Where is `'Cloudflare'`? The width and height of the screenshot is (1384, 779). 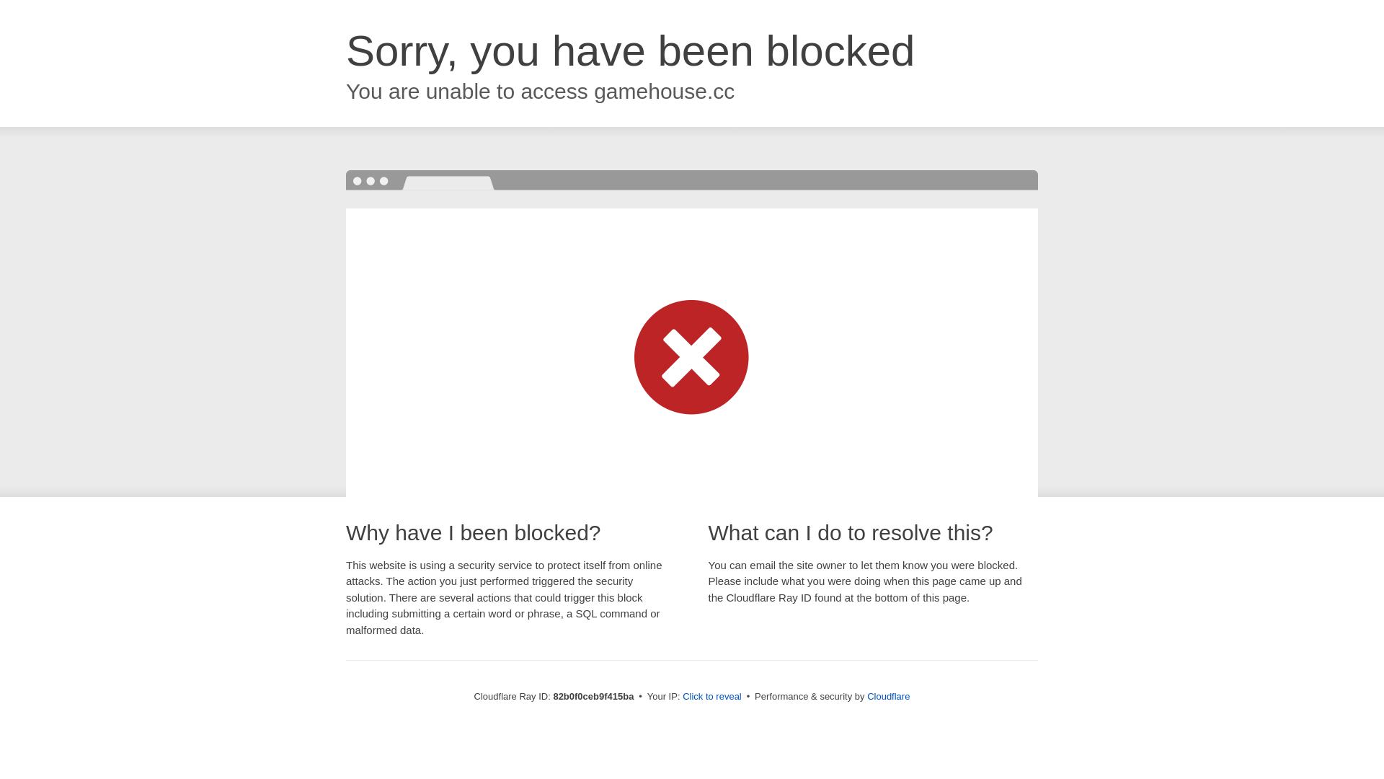 'Cloudflare' is located at coordinates (887, 695).